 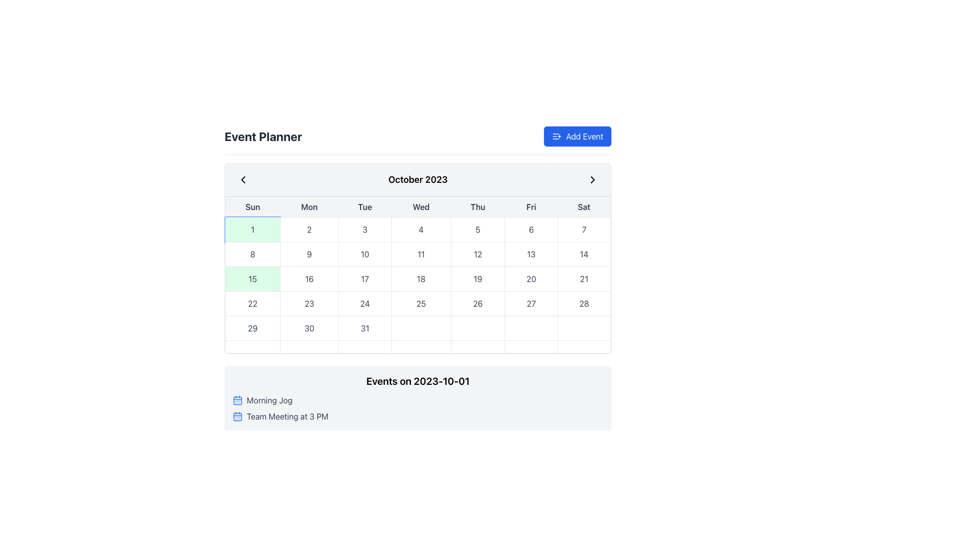 I want to click on the right-pointing chevron icon in the top-right corner of the calendar interface to go to the next month, so click(x=592, y=179).